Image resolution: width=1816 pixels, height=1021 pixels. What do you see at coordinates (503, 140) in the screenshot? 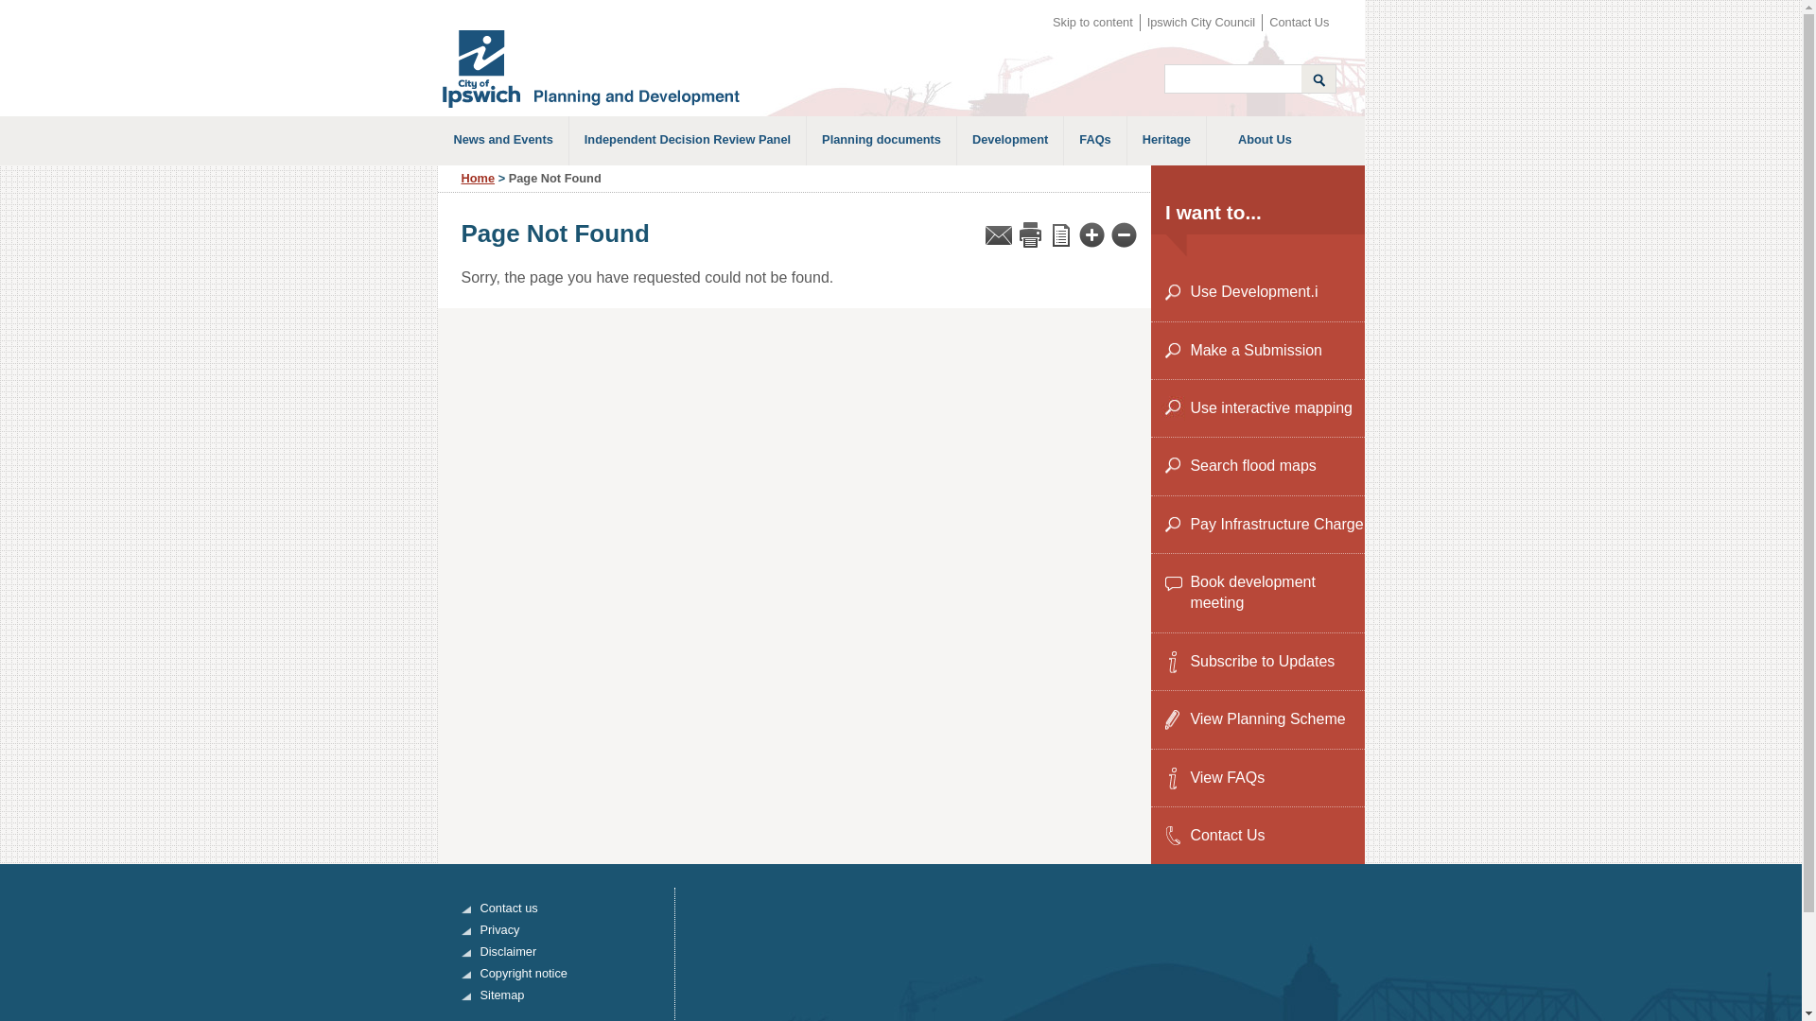
I see `'News and Events'` at bounding box center [503, 140].